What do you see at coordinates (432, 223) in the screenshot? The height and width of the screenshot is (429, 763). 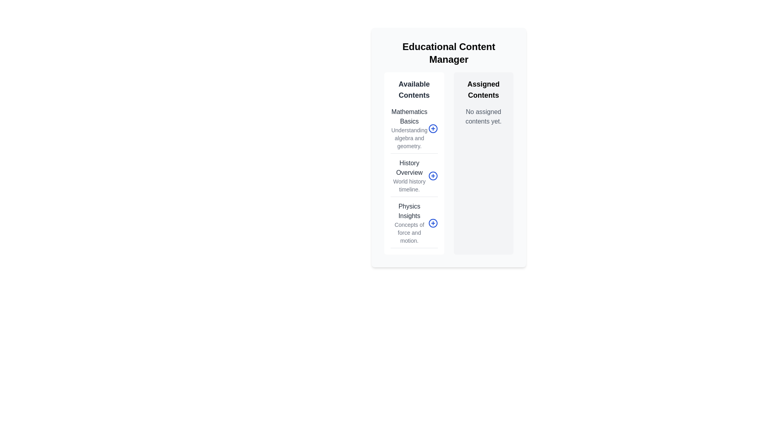 I see `the circular blue button with a plus icon, located next to 'Physics Insights' at the bottom of the 'Available Contents' list, to observe its hover effect` at bounding box center [432, 223].